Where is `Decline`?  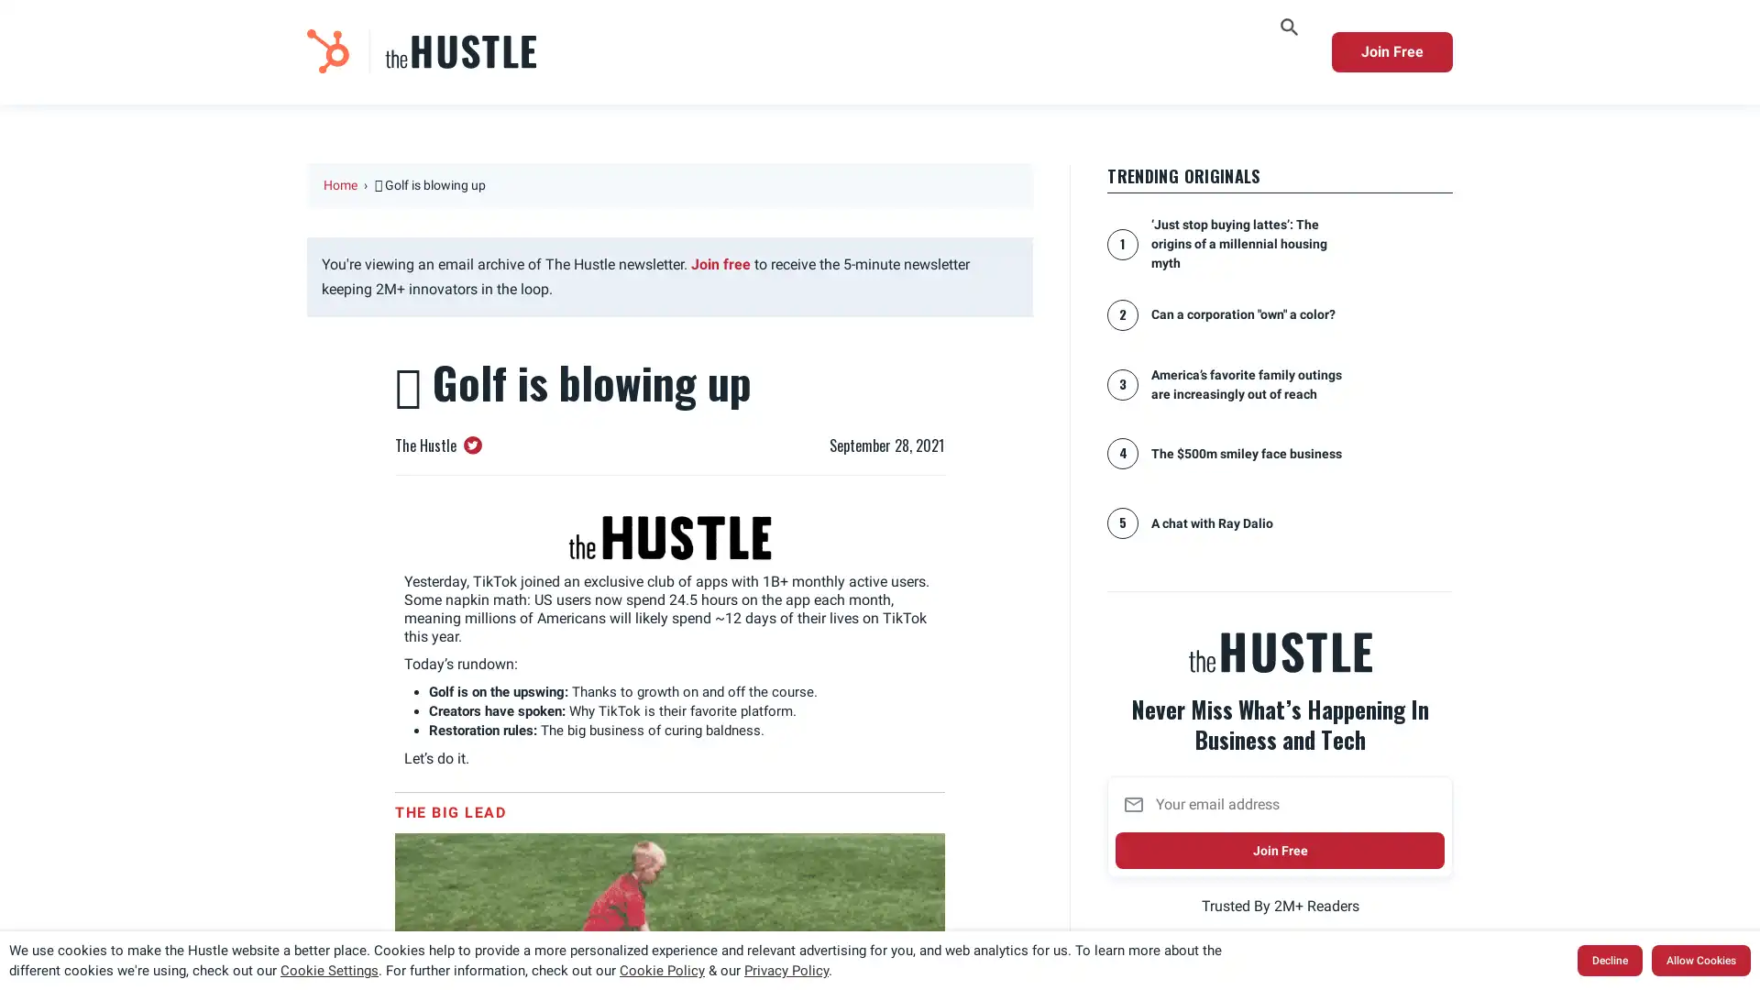 Decline is located at coordinates (1609, 960).